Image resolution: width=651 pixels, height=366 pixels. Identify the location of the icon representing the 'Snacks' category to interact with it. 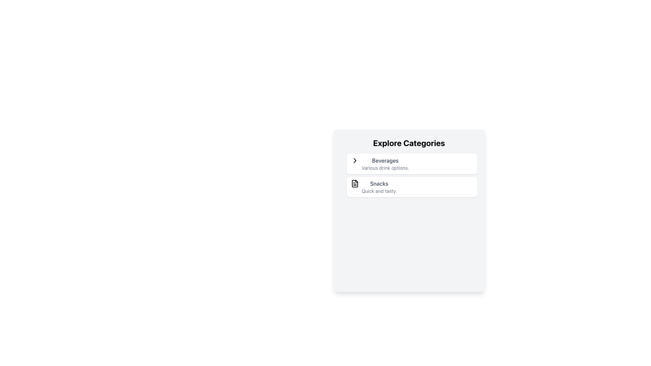
(354, 184).